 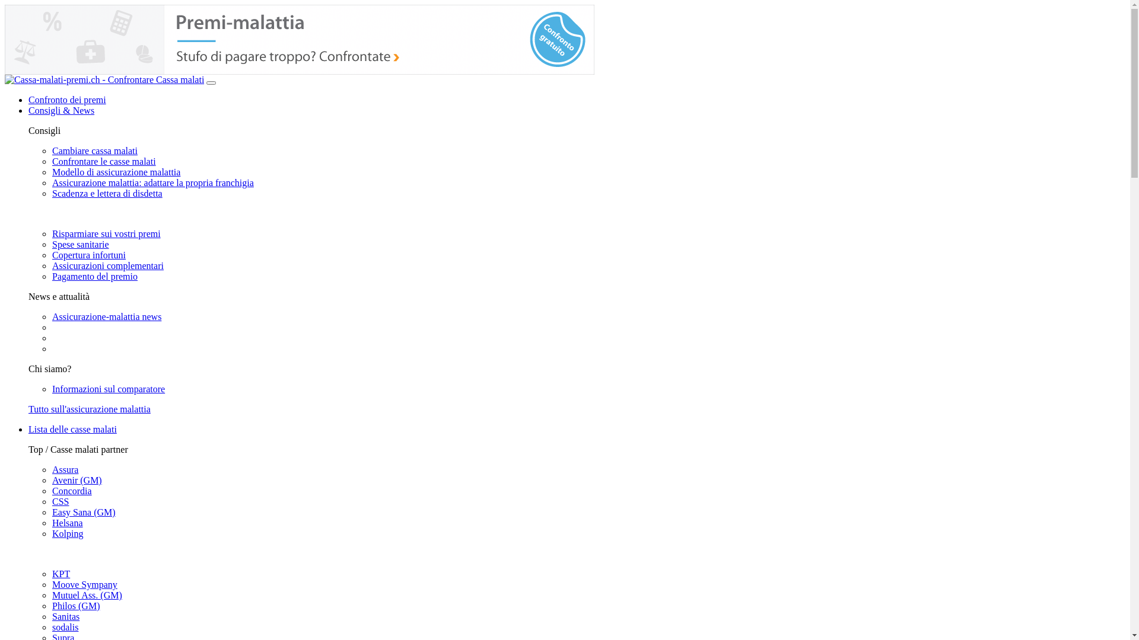 What do you see at coordinates (60, 573) in the screenshot?
I see `'KPT'` at bounding box center [60, 573].